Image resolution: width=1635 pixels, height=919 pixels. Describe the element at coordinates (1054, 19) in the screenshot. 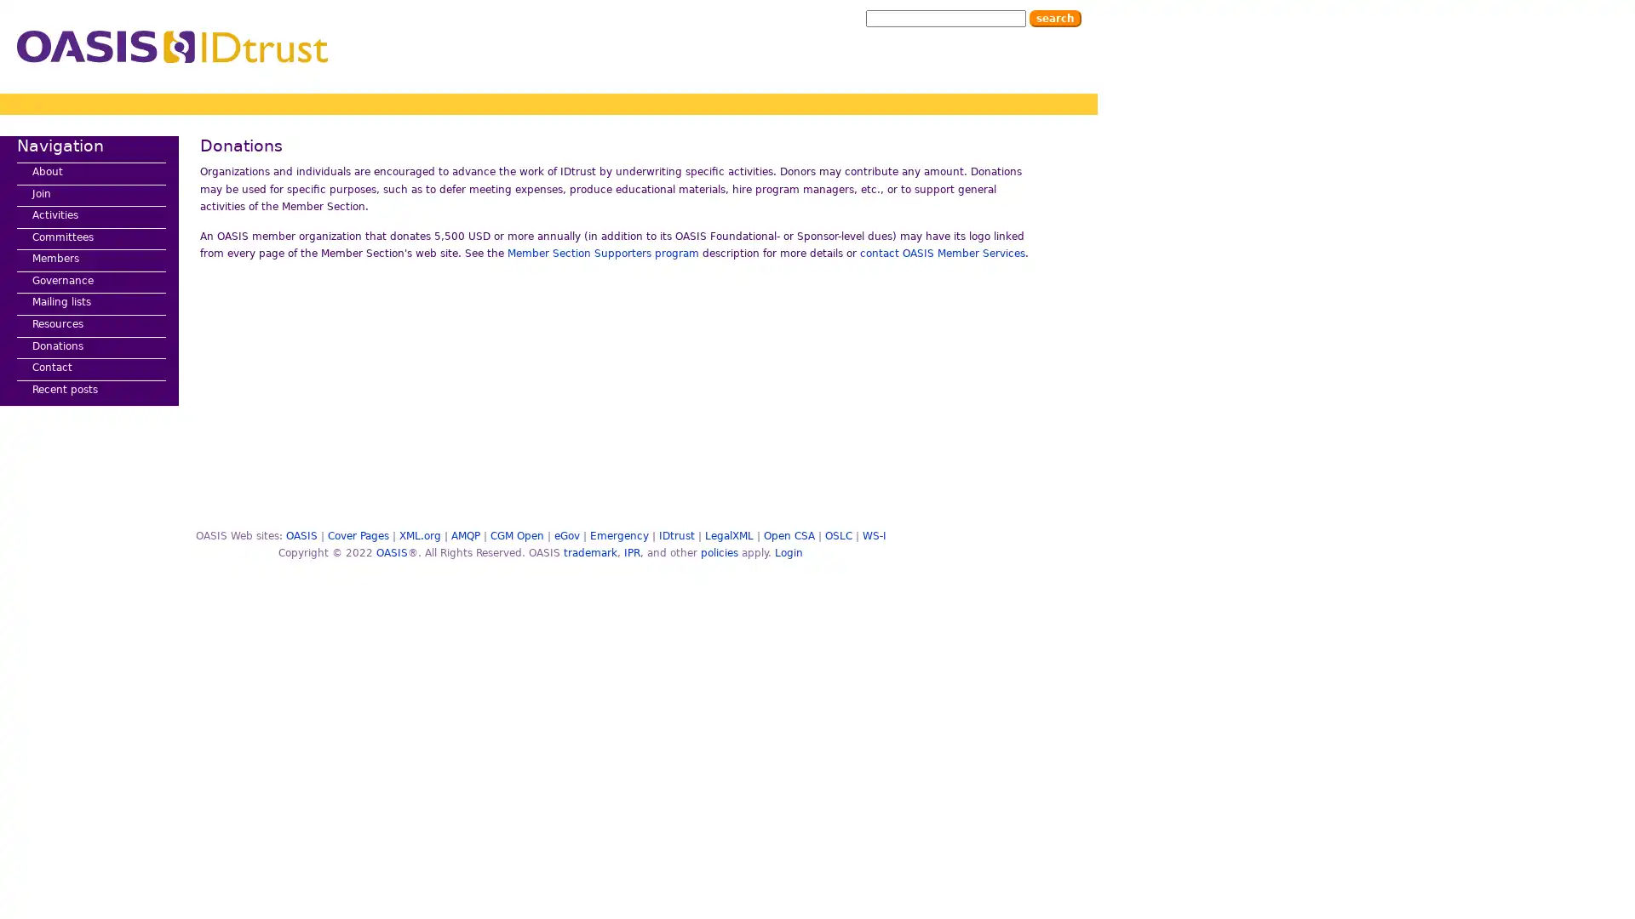

I see `Search` at that location.